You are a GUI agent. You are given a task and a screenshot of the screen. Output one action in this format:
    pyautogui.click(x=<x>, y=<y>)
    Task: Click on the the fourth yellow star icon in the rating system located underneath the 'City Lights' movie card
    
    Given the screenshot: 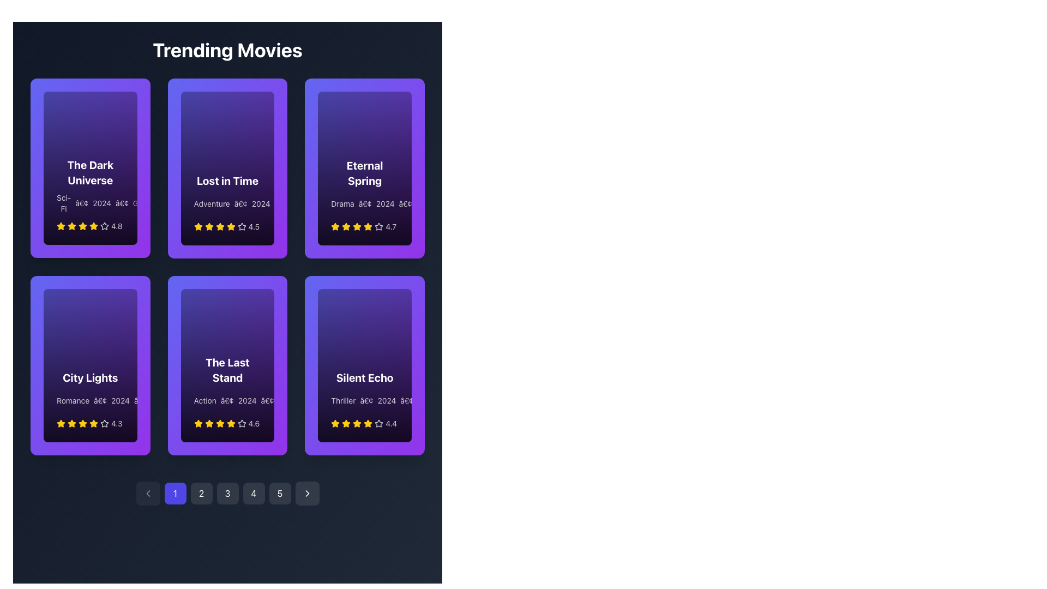 What is the action you would take?
    pyautogui.click(x=82, y=423)
    